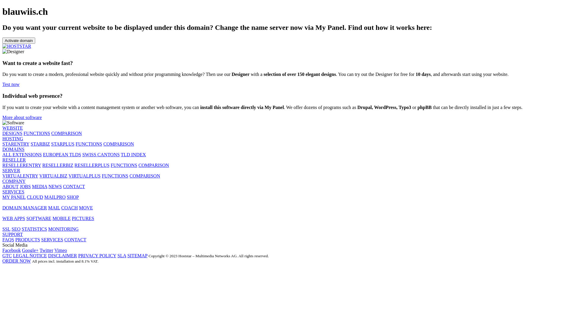  What do you see at coordinates (19, 40) in the screenshot?
I see `'Activate domain'` at bounding box center [19, 40].